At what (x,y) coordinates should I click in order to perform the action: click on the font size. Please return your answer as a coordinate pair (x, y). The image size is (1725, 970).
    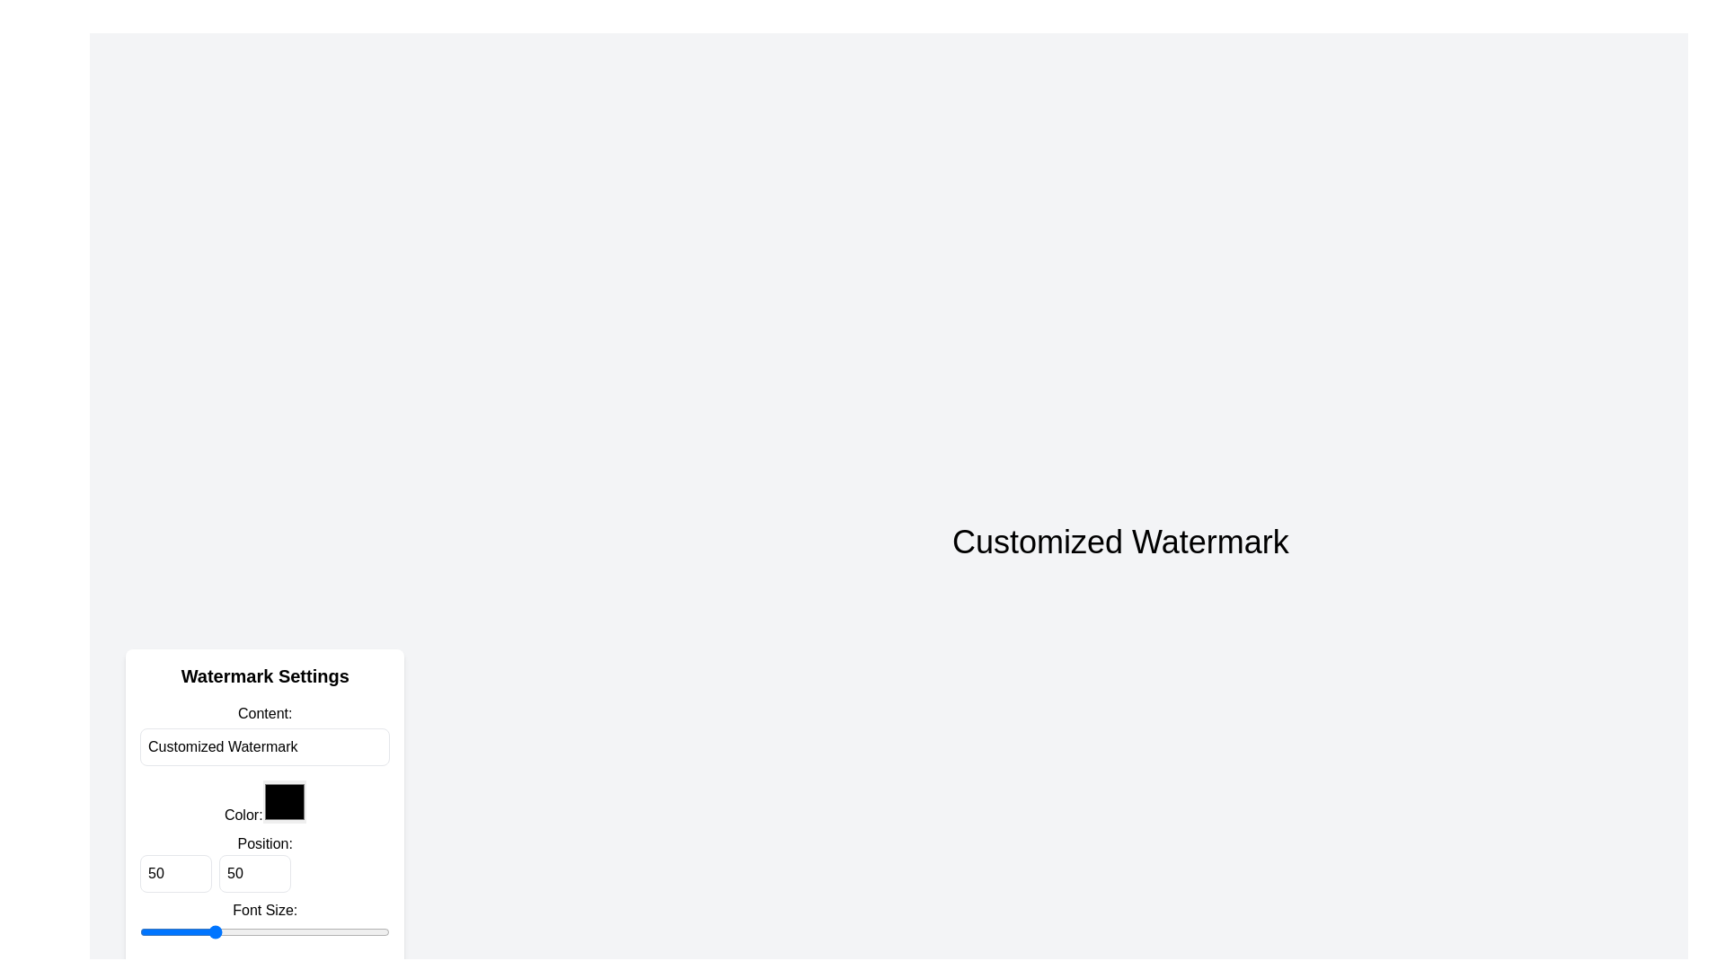
    Looking at the image, I should click on (219, 930).